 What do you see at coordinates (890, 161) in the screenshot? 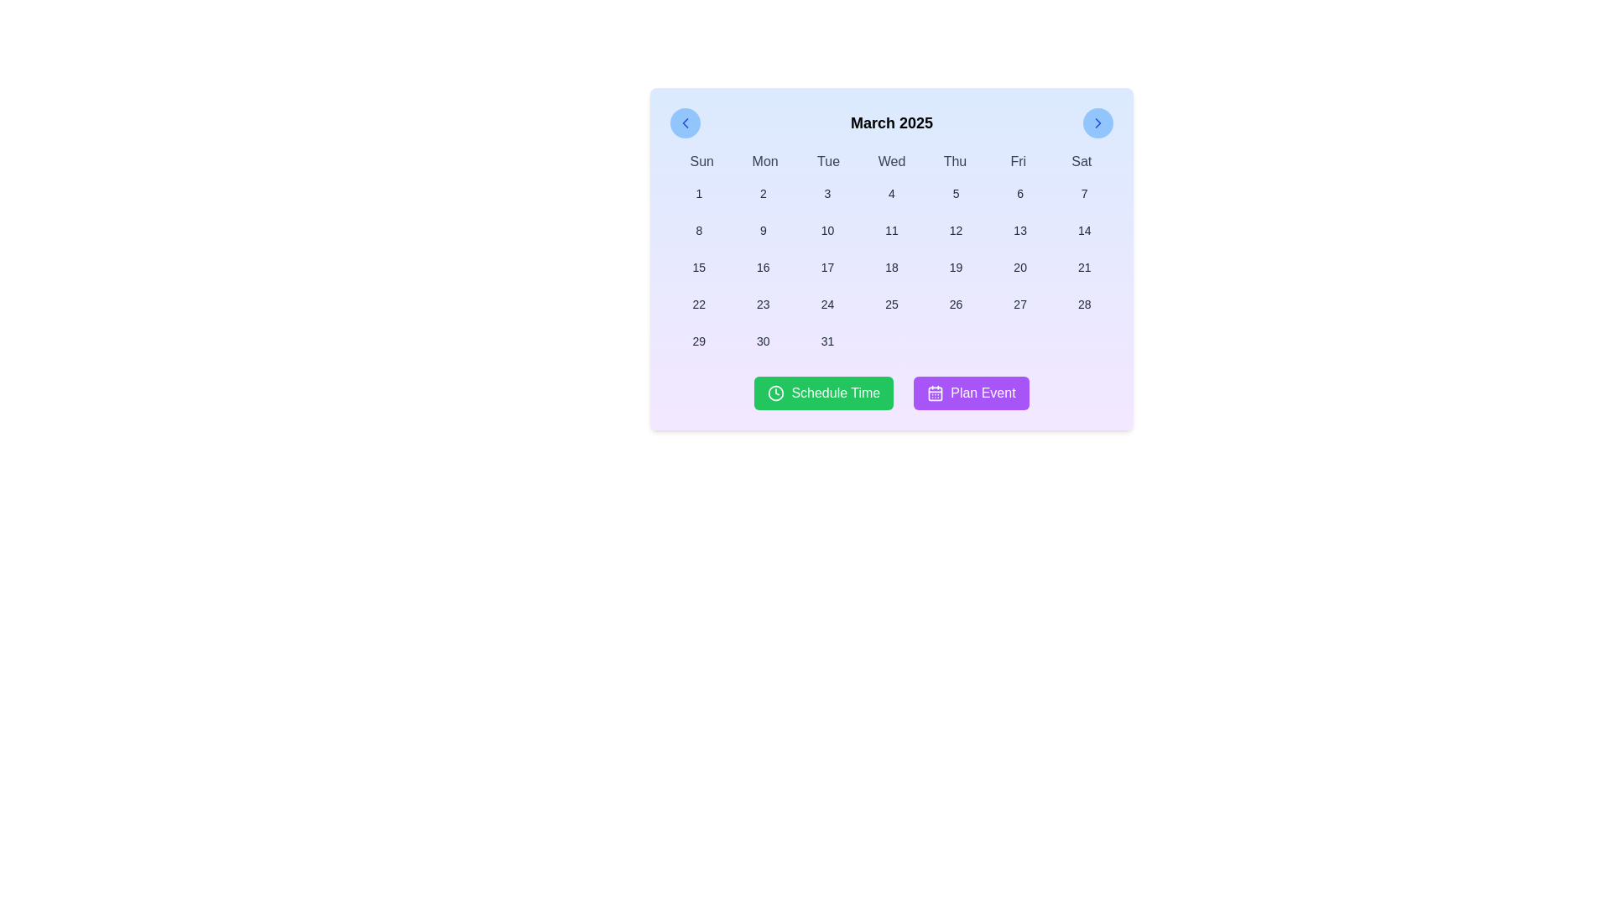
I see `the Weekday Header Row located below the month title 'March 2025' and above the calendar grid, spanning the width of the calendar` at bounding box center [890, 161].